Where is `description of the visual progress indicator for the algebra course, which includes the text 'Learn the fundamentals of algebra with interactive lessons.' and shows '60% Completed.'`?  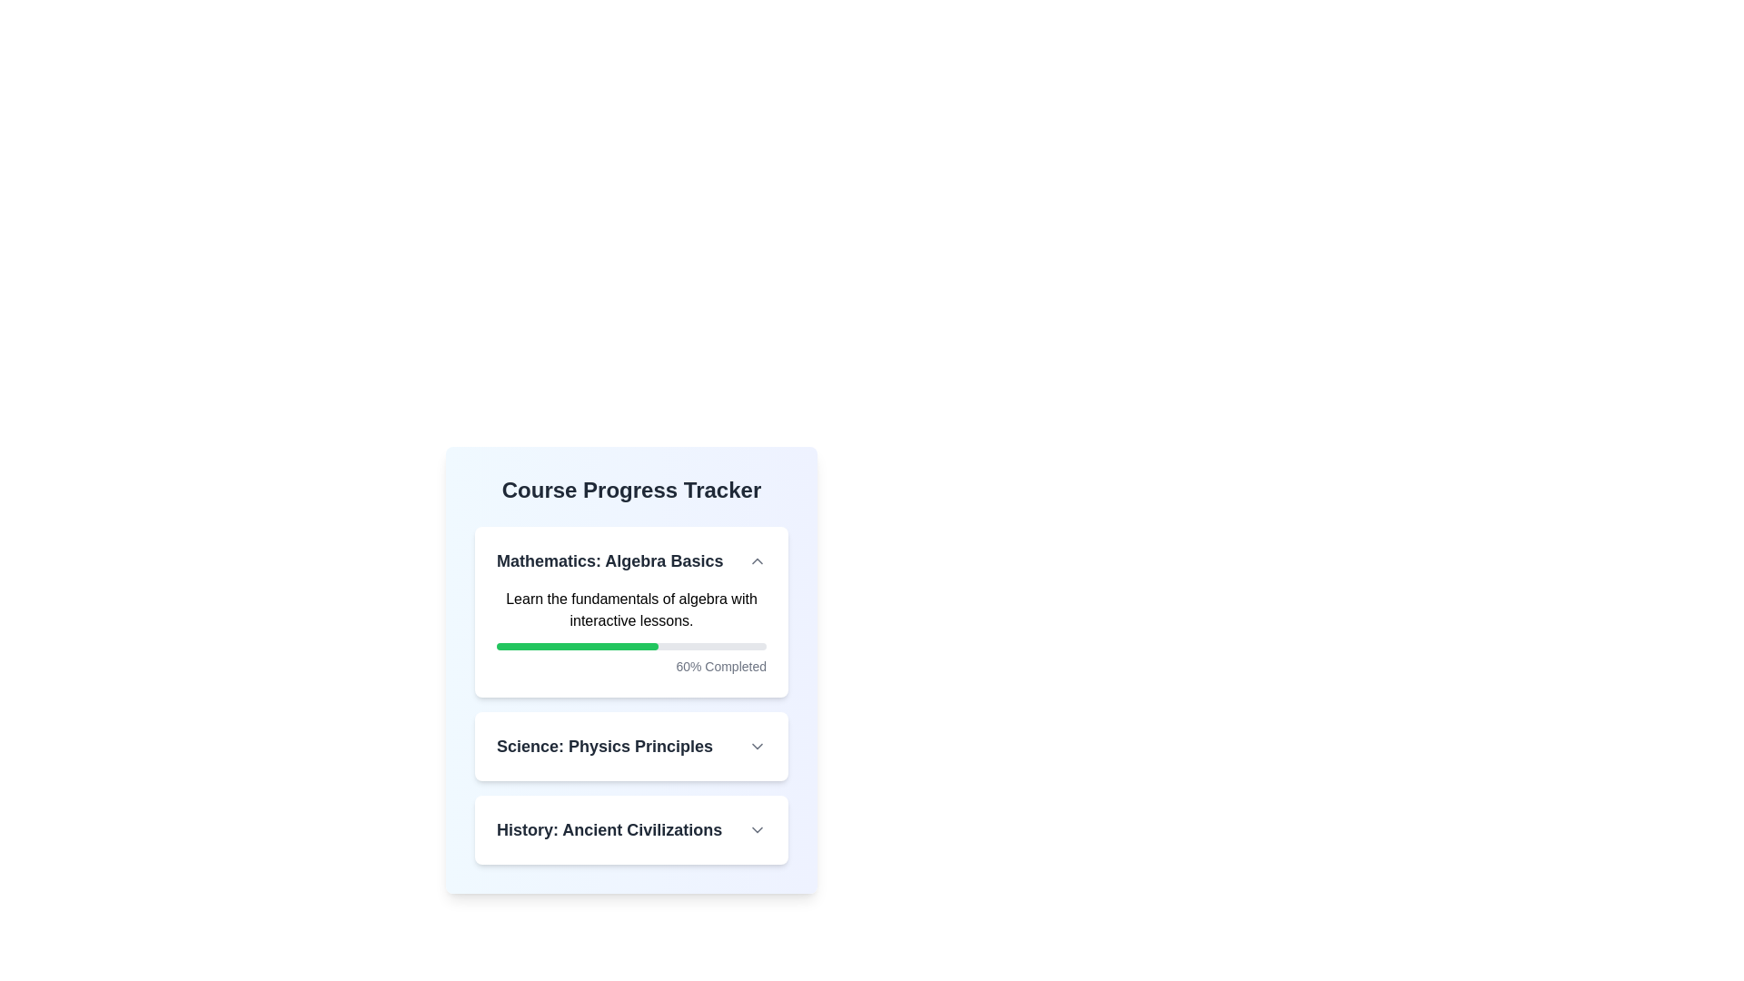 description of the visual progress indicator for the algebra course, which includes the text 'Learn the fundamentals of algebra with interactive lessons.' and shows '60% Completed.' is located at coordinates (631, 630).